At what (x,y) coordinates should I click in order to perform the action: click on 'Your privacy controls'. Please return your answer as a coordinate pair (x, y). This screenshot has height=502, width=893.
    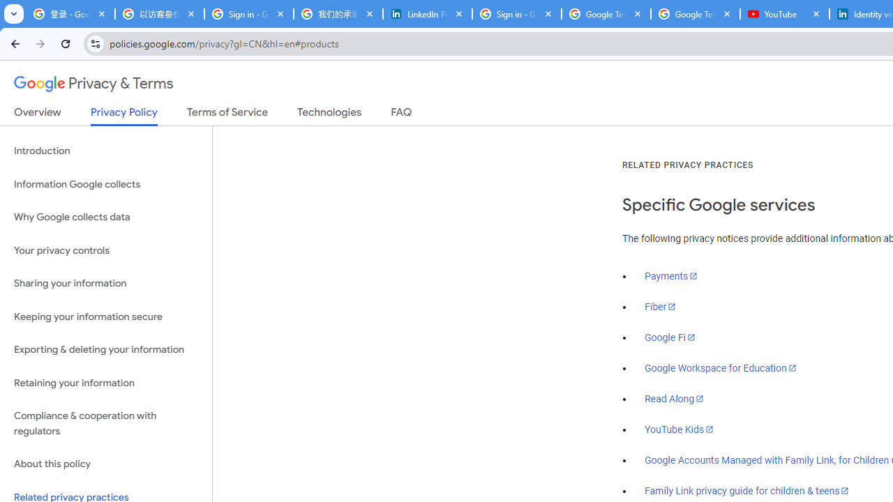
    Looking at the image, I should click on (105, 250).